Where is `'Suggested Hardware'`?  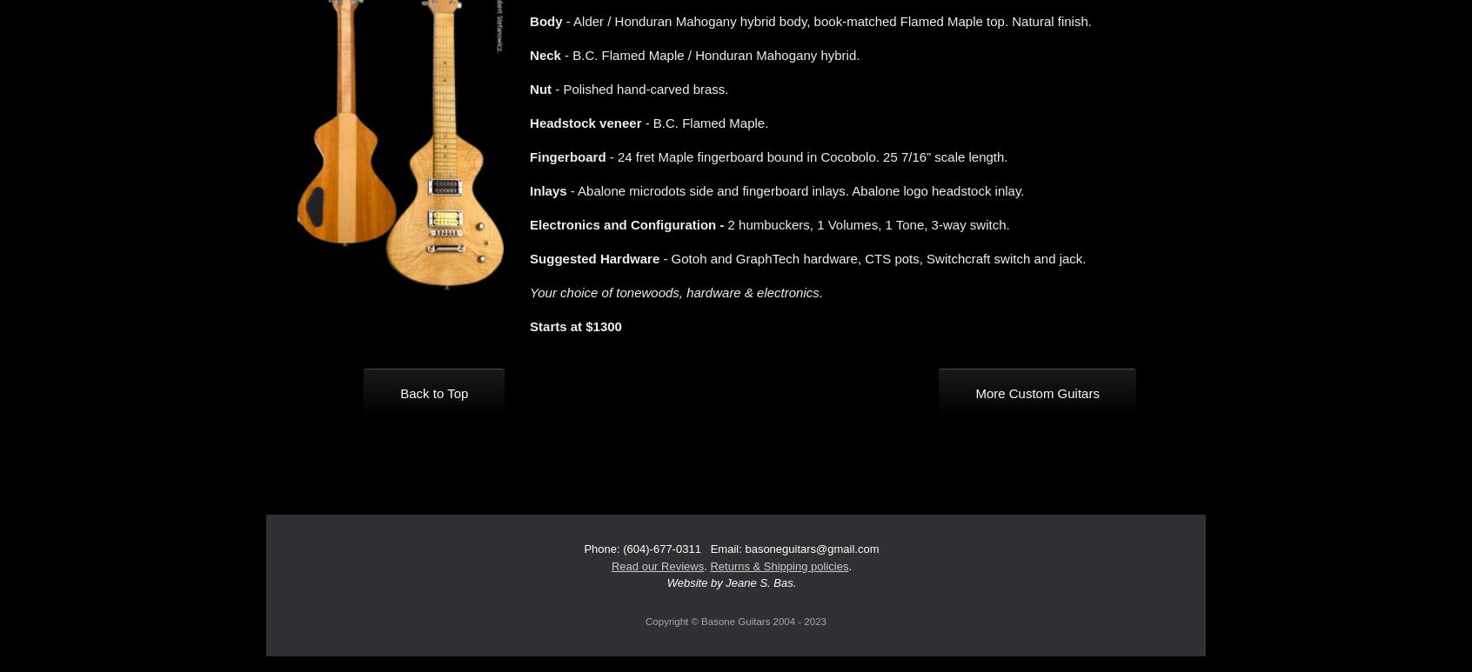 'Suggested Hardware' is located at coordinates (594, 258).